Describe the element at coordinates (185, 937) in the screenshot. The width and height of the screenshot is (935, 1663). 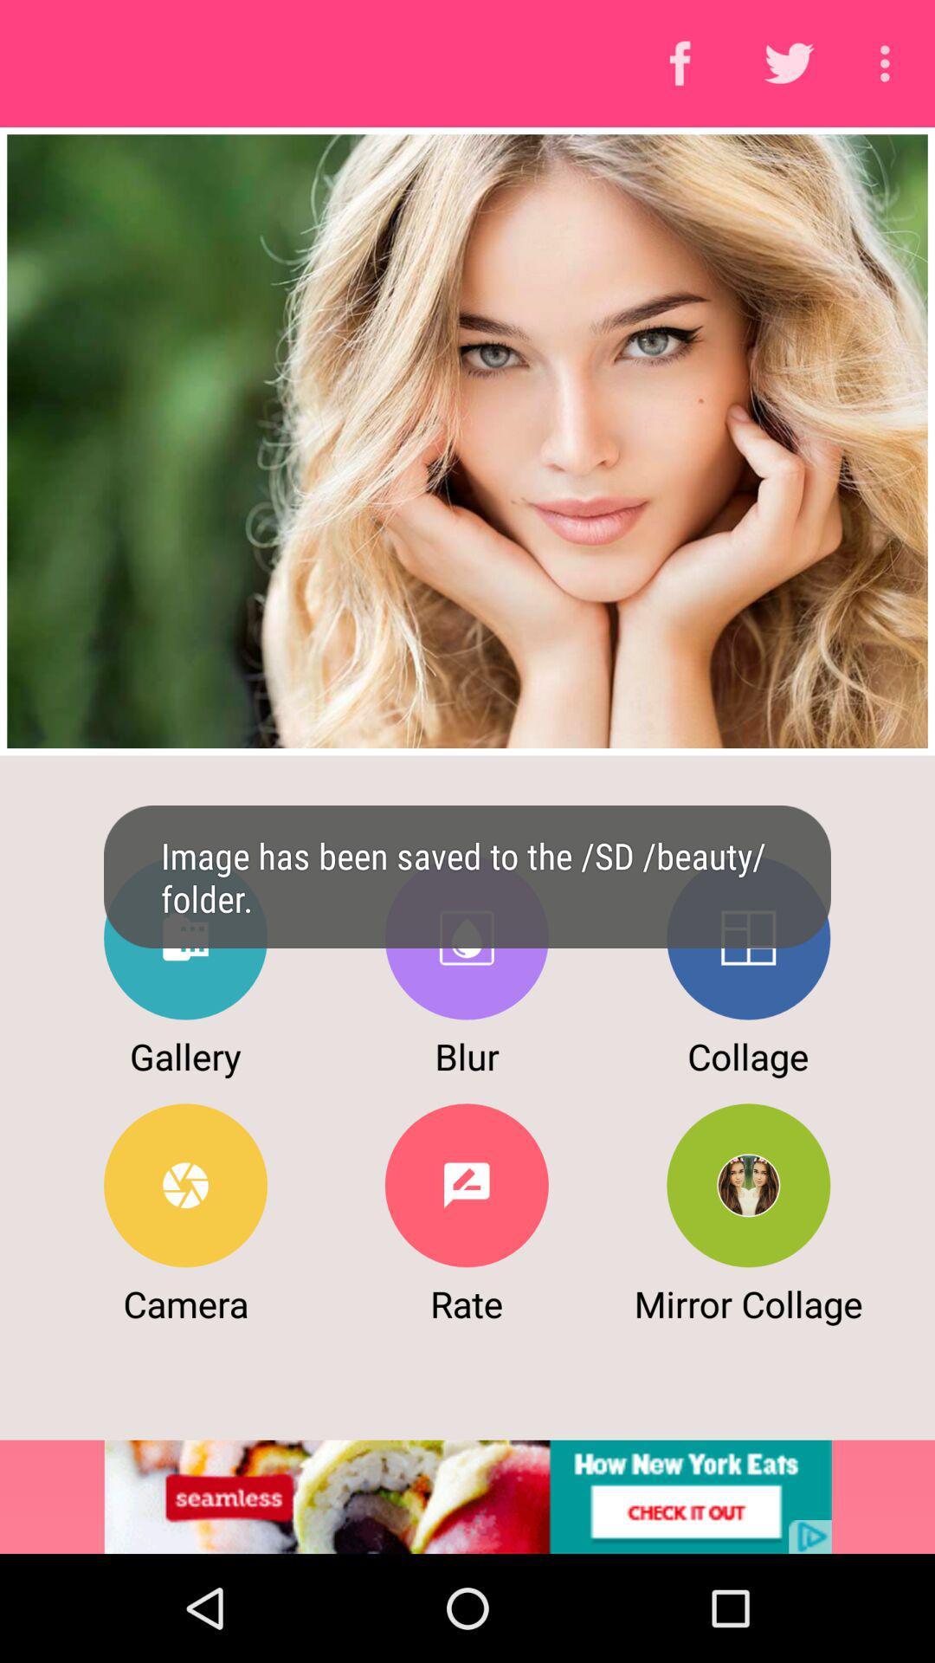
I see `photos option` at that location.